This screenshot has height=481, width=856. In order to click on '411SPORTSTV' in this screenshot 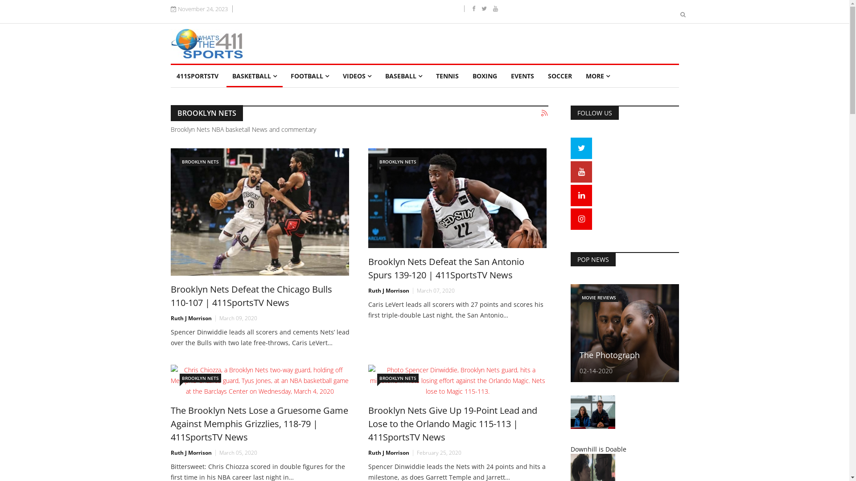, I will do `click(196, 75)`.